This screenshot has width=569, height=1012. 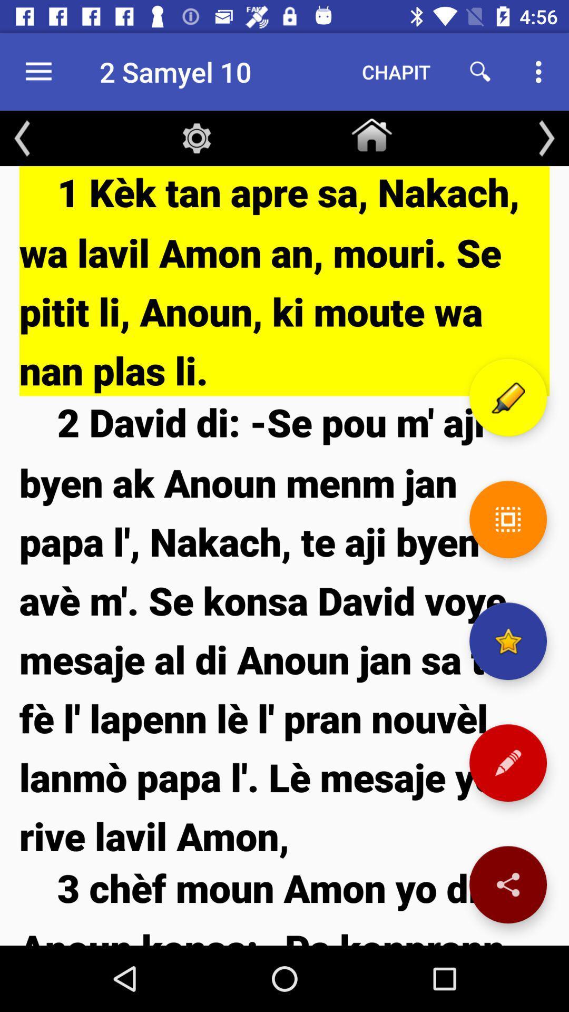 I want to click on the icon below 2 samyel 10 icon, so click(x=197, y=138).